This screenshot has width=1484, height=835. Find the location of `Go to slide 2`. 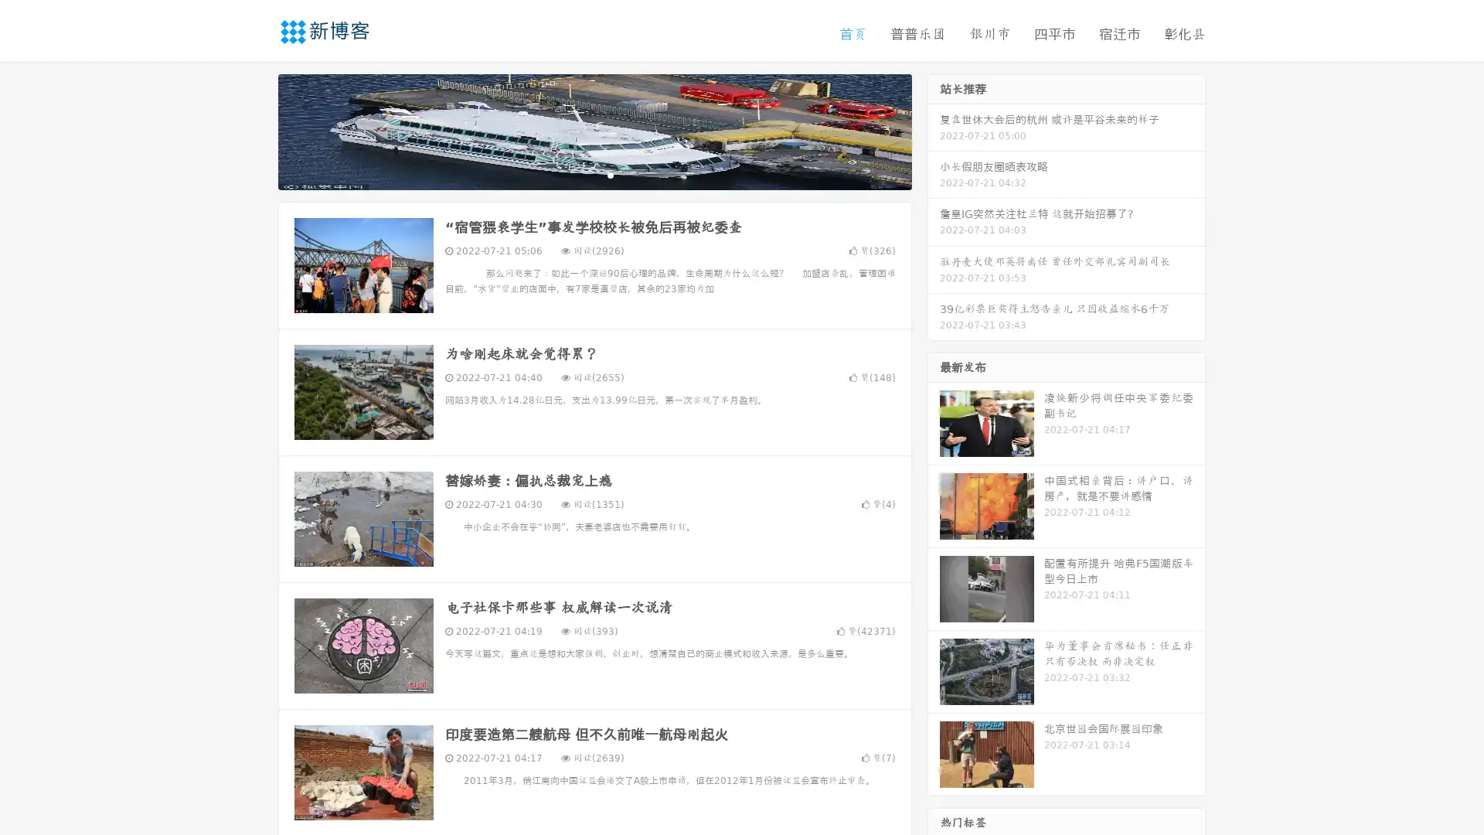

Go to slide 2 is located at coordinates (594, 174).